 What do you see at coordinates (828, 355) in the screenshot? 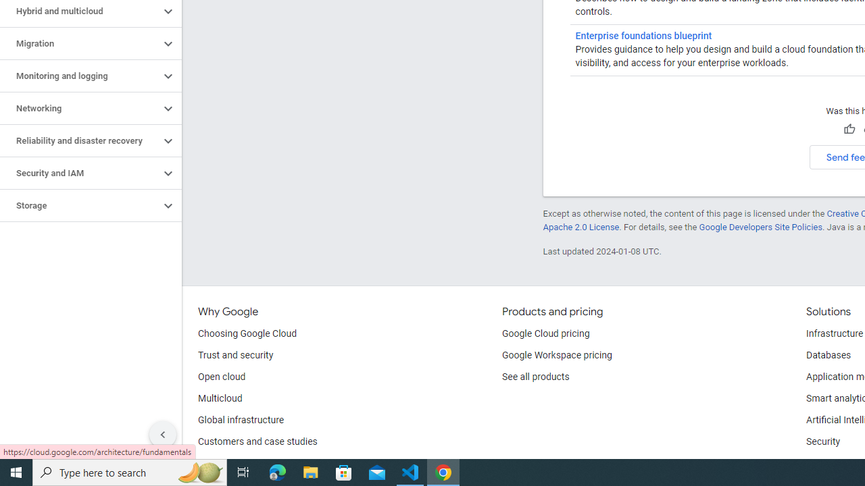
I see `'Databases'` at bounding box center [828, 355].